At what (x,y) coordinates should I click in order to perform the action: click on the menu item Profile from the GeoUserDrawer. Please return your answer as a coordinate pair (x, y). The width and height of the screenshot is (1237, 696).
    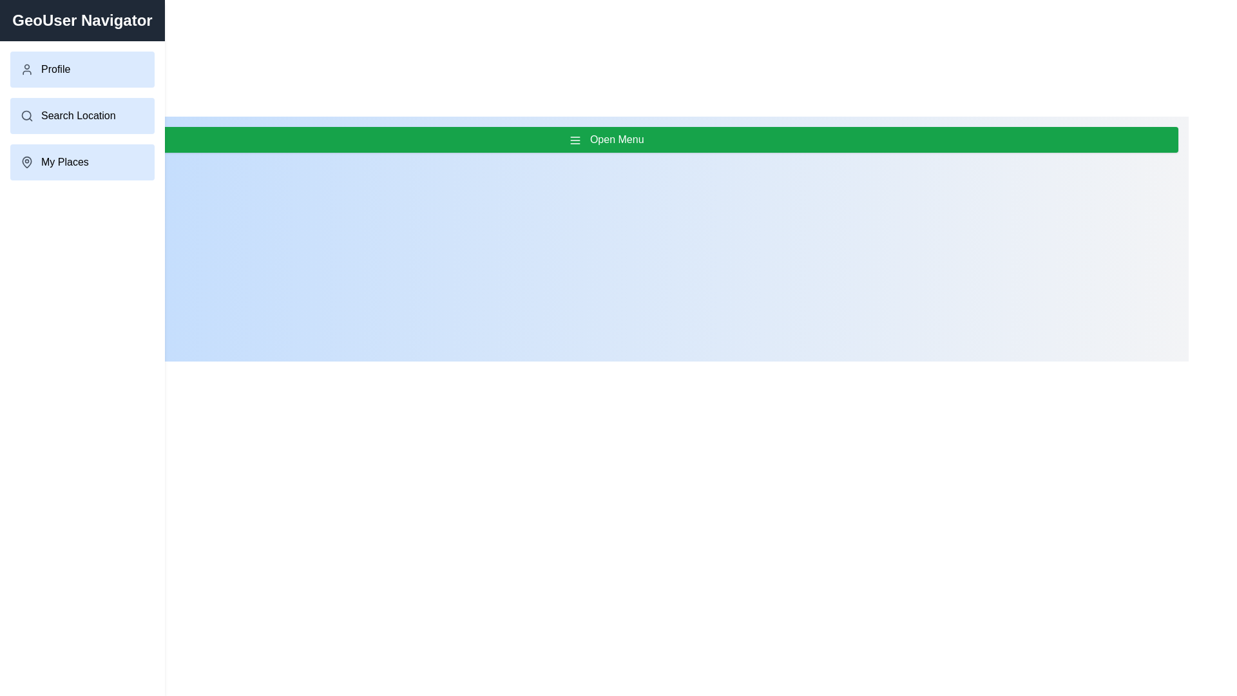
    Looking at the image, I should click on (82, 70).